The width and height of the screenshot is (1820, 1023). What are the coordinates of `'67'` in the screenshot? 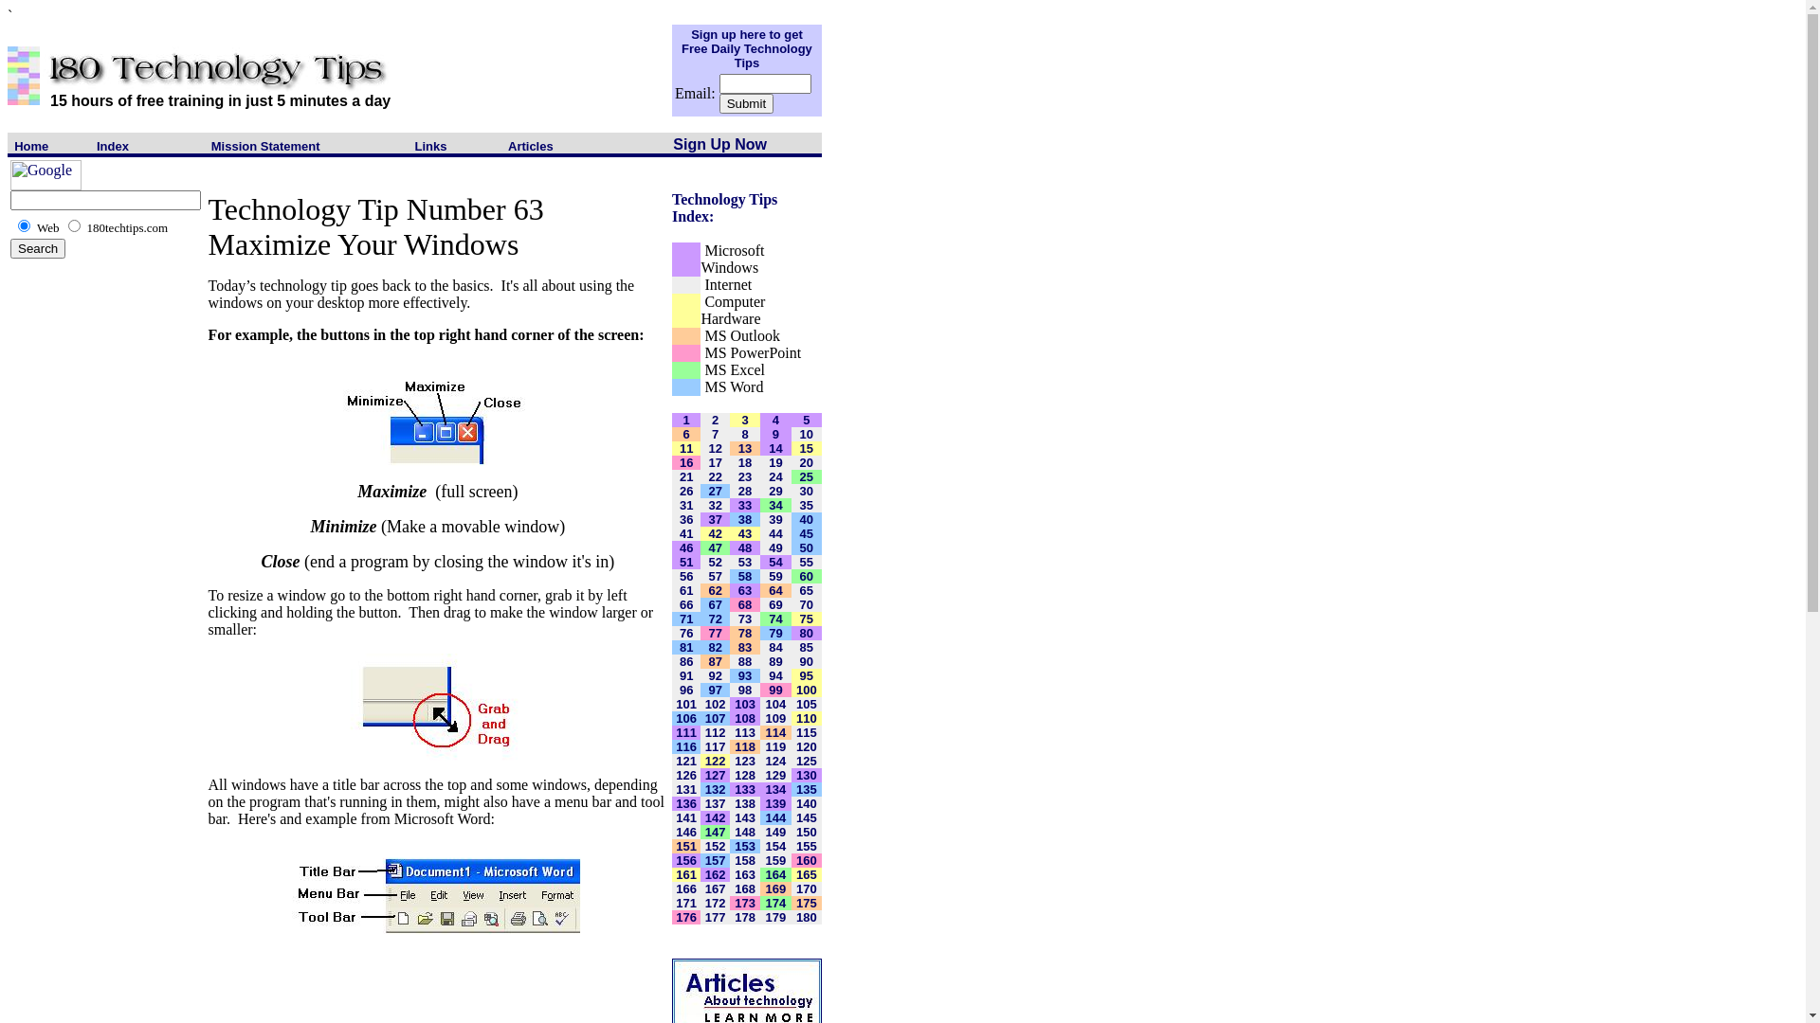 It's located at (713, 604).